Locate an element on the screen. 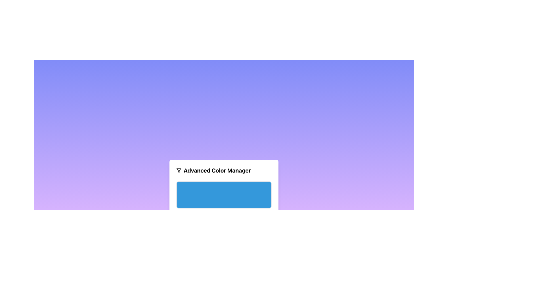 Image resolution: width=545 pixels, height=306 pixels. the SVG icon shaped like a funnel or filter located in the top-right informational section of the page is located at coordinates (178, 170).